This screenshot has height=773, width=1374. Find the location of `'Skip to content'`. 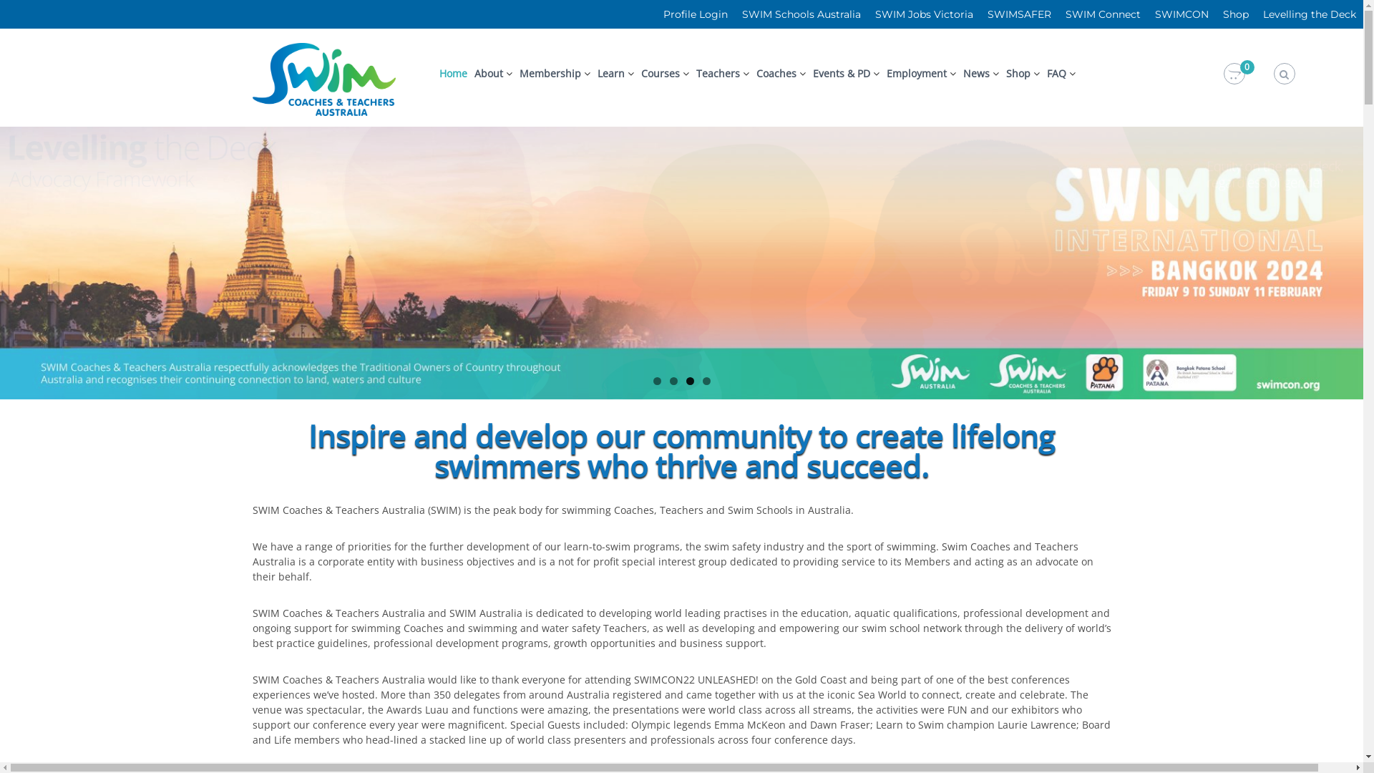

'Skip to content' is located at coordinates (0, 29).